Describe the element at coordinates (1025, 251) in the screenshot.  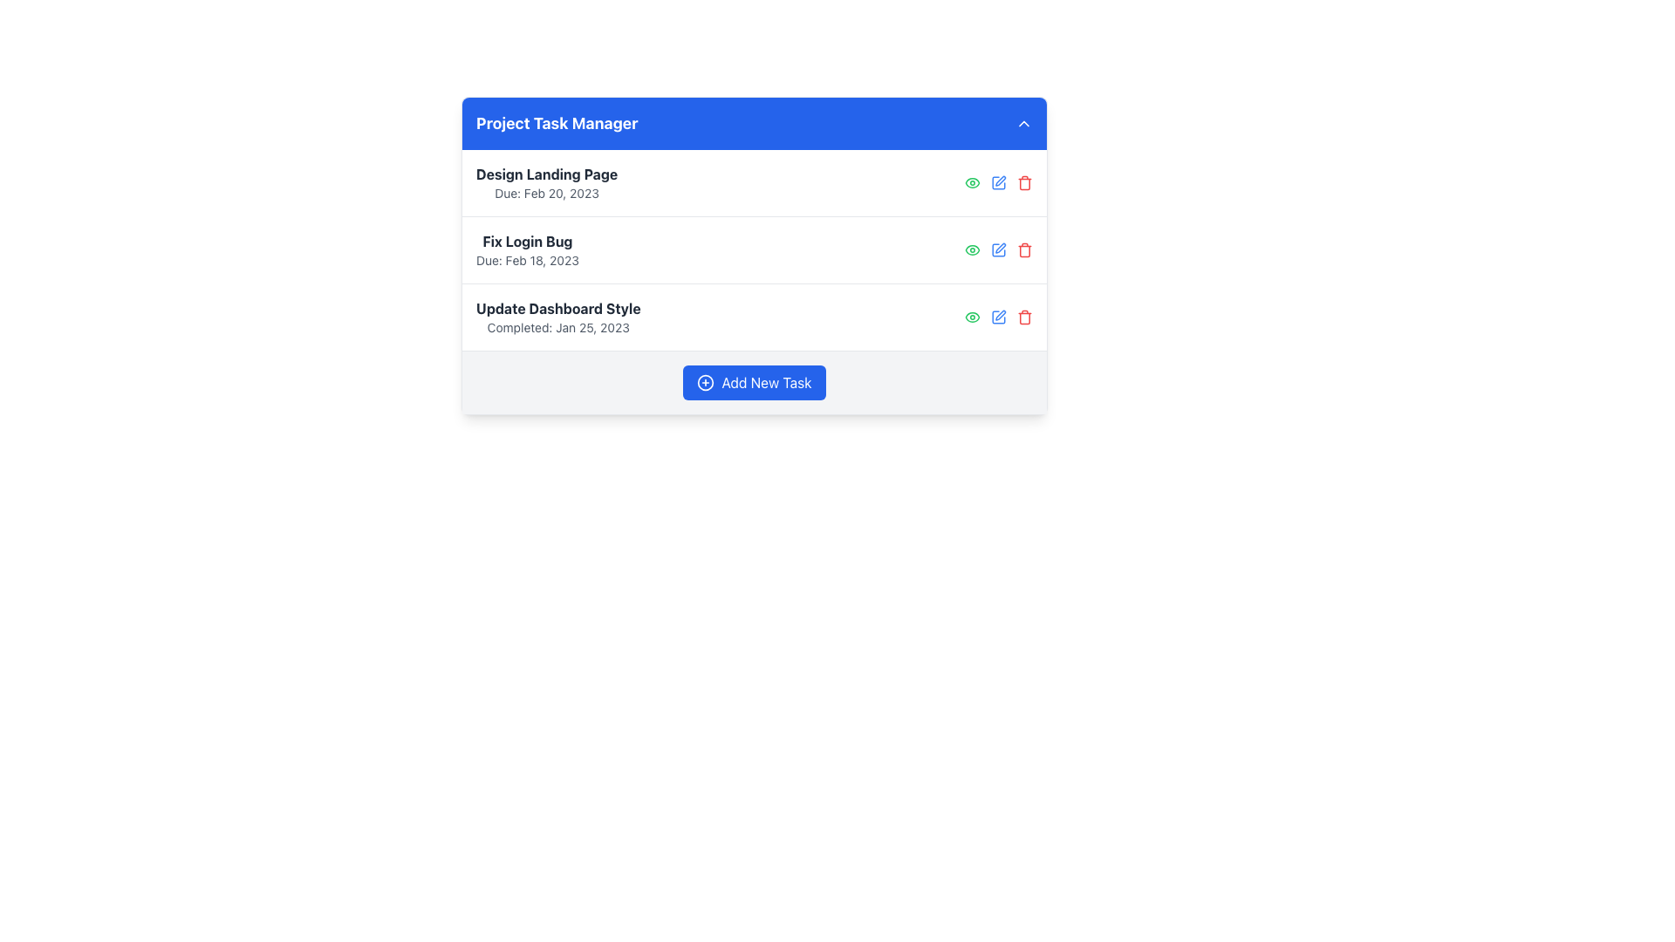
I see `the 'Delete' icon located to the right of the green eye icon and blue pencil icon` at that location.